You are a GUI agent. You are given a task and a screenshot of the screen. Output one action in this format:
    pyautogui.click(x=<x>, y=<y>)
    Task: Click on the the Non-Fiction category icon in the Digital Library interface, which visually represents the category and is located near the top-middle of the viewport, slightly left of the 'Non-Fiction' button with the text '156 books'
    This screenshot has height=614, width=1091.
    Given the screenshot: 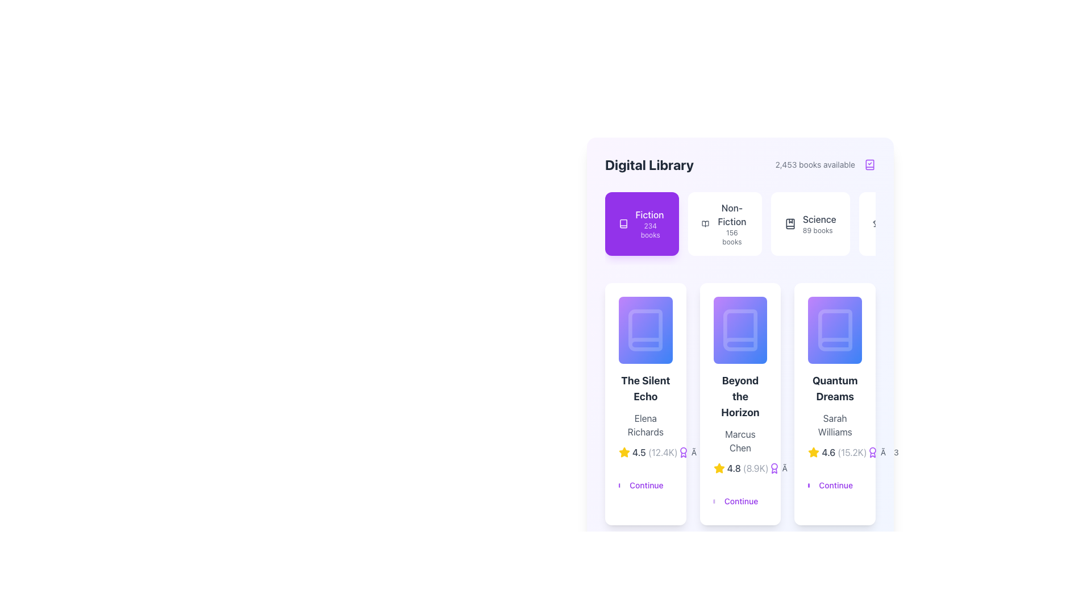 What is the action you would take?
    pyautogui.click(x=705, y=223)
    